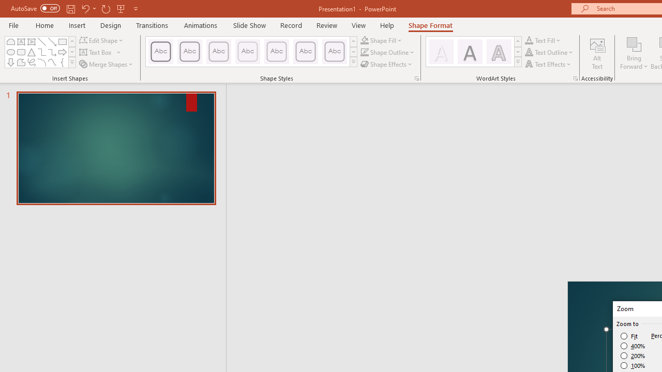 Image resolution: width=662 pixels, height=372 pixels. Describe the element at coordinates (549, 52) in the screenshot. I see `'Text Outline'` at that location.